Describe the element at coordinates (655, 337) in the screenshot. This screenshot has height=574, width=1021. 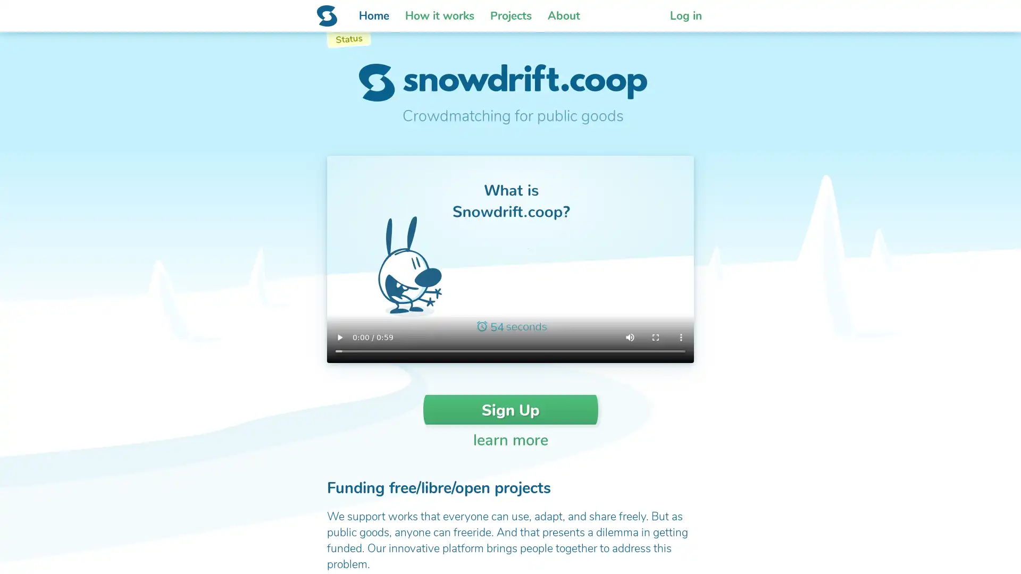
I see `enter full screen` at that location.